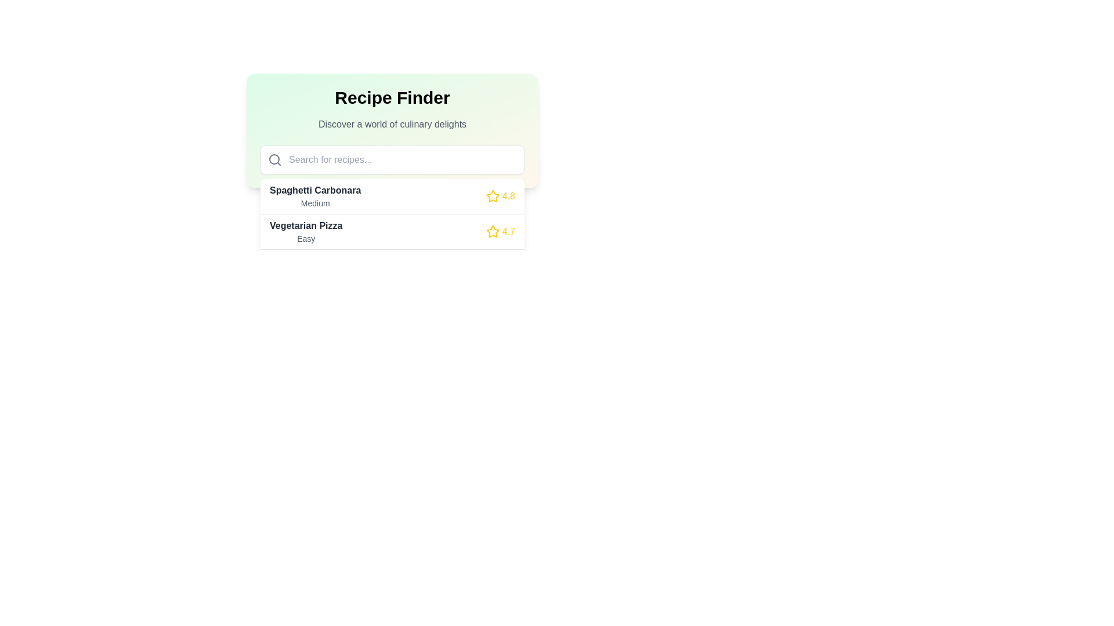  What do you see at coordinates (315, 203) in the screenshot?
I see `the Text Label displaying 'Medium' in light gray, which is located below the title 'Spaghetti Carbonara' in the first recipe entry` at bounding box center [315, 203].